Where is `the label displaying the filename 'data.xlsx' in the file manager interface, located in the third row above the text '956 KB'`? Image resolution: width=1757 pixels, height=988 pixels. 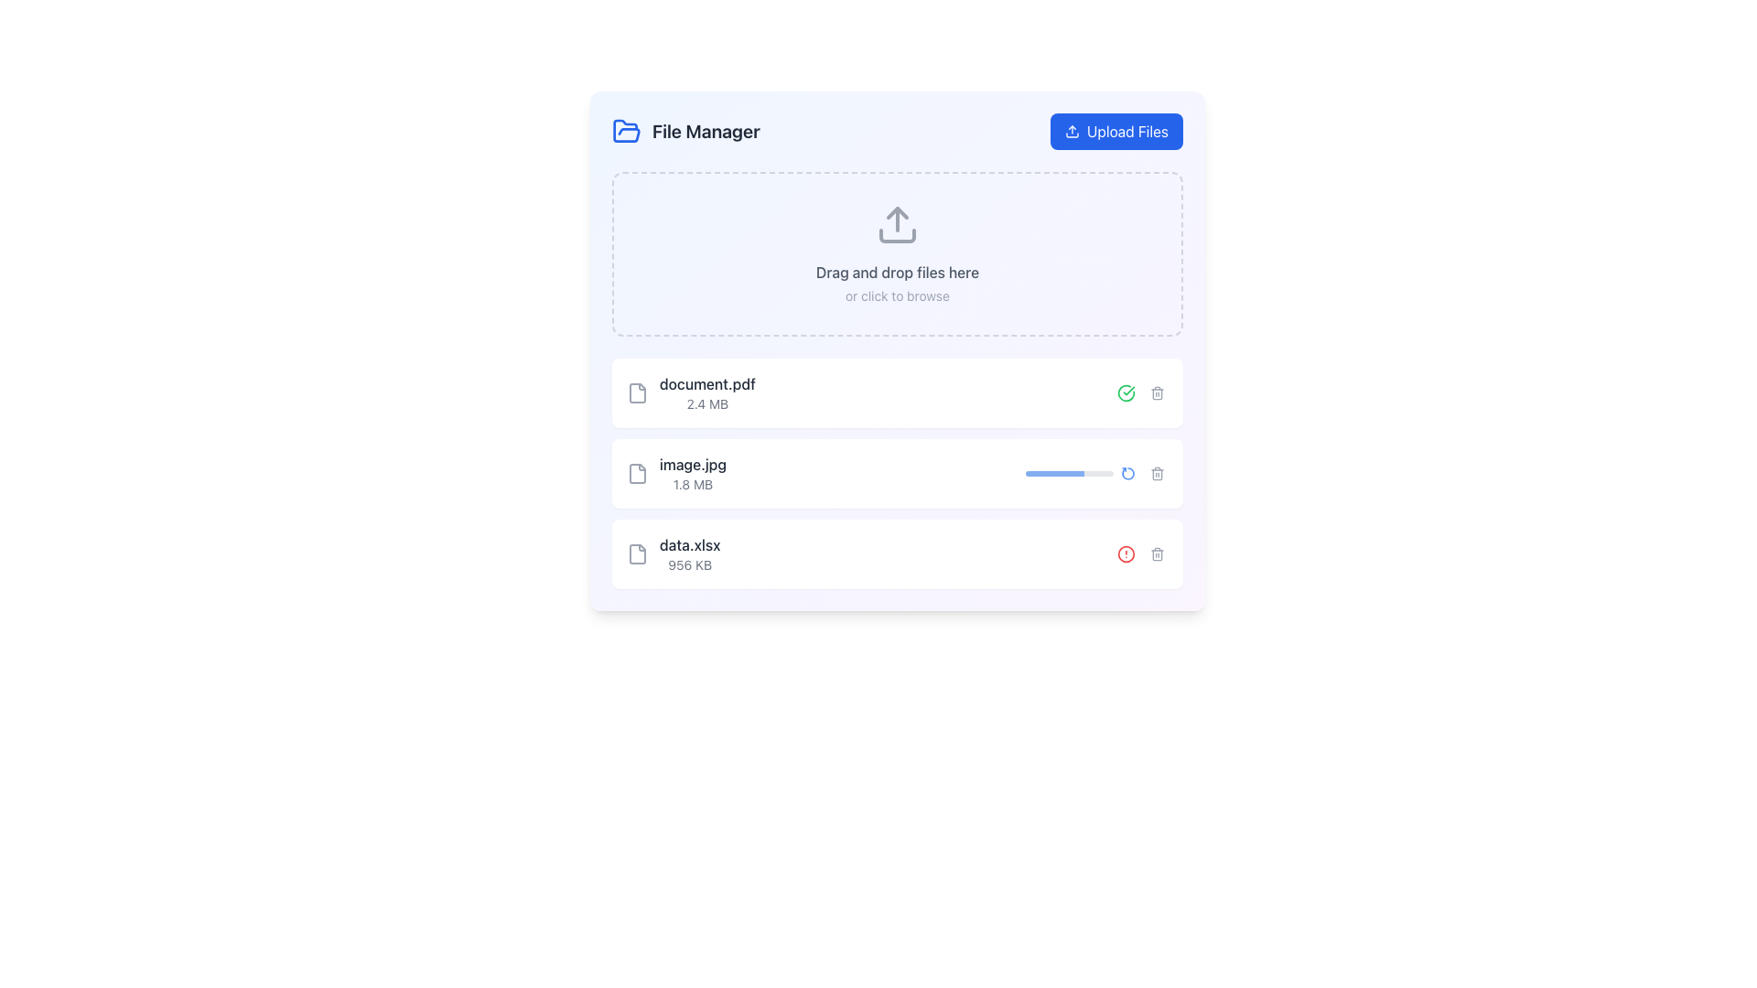
the label displaying the filename 'data.xlsx' in the file manager interface, located in the third row above the text '956 KB' is located at coordinates (689, 544).